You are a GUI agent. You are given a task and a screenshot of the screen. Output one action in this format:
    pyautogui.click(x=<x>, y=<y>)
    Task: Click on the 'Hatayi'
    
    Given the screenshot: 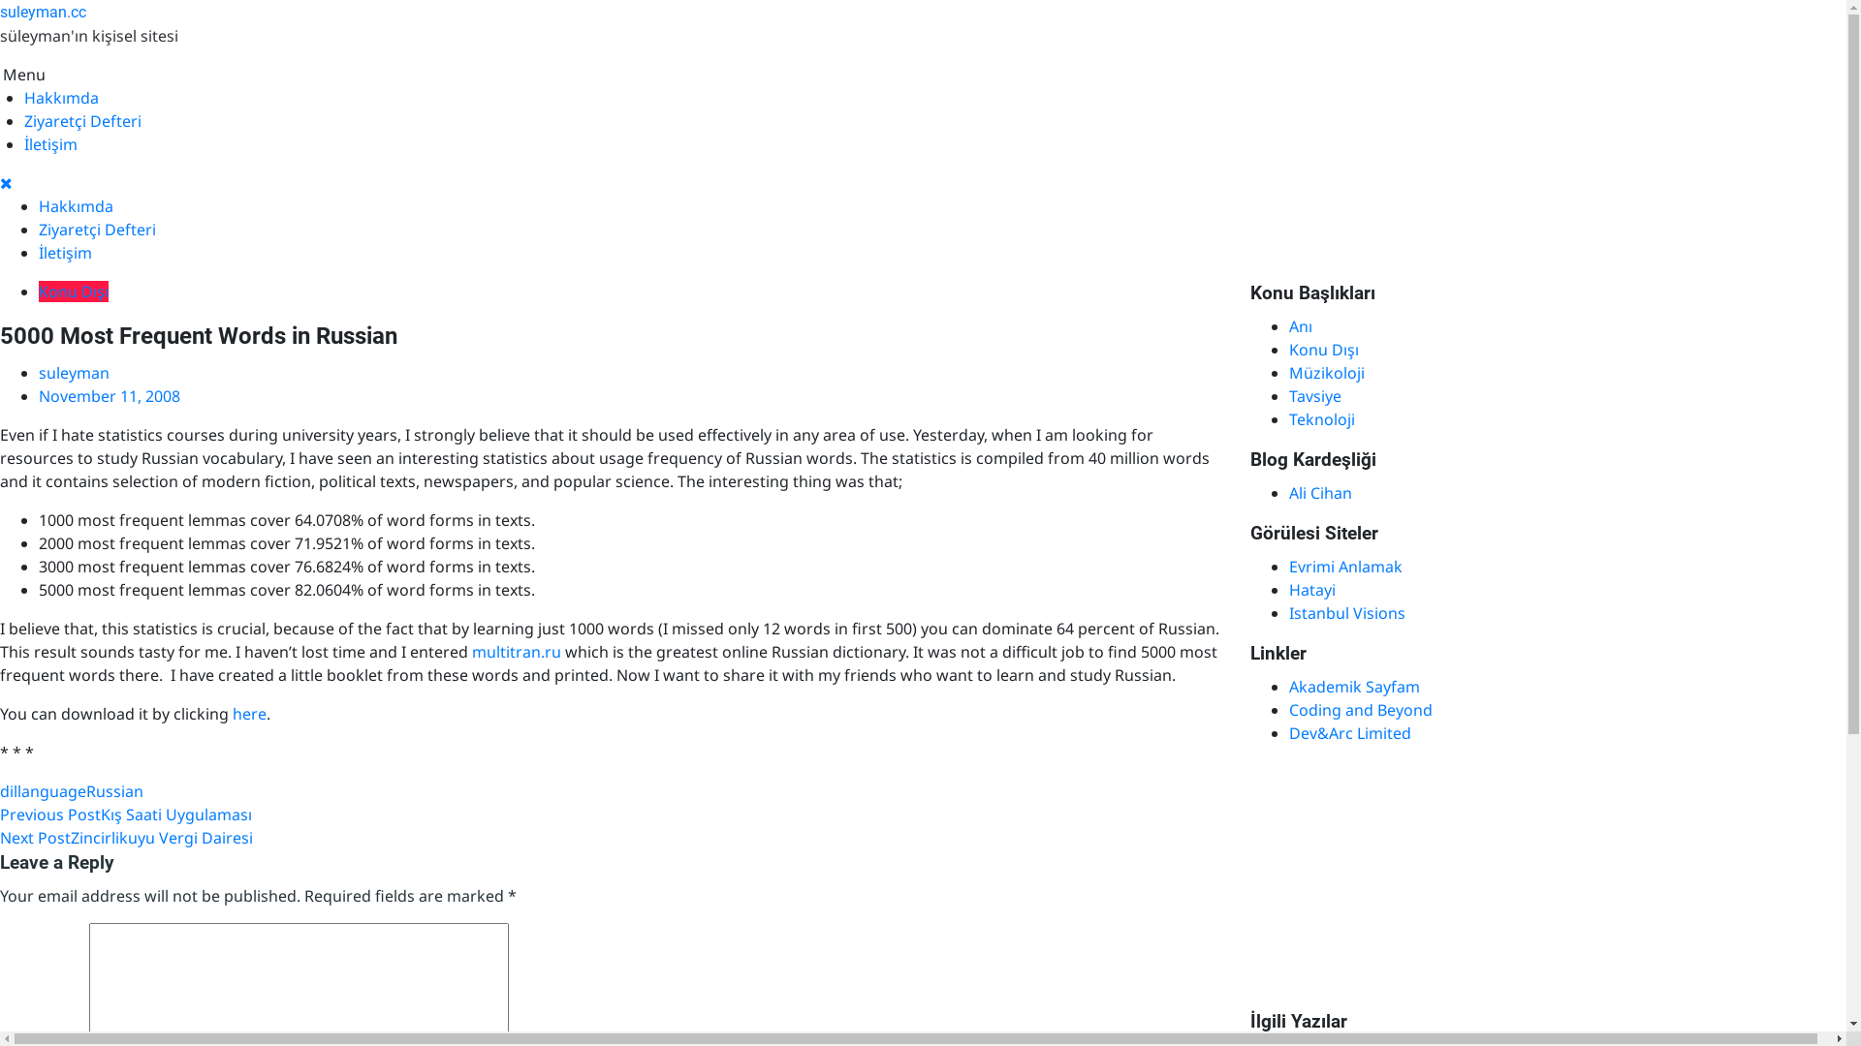 What is the action you would take?
    pyautogui.click(x=1311, y=589)
    